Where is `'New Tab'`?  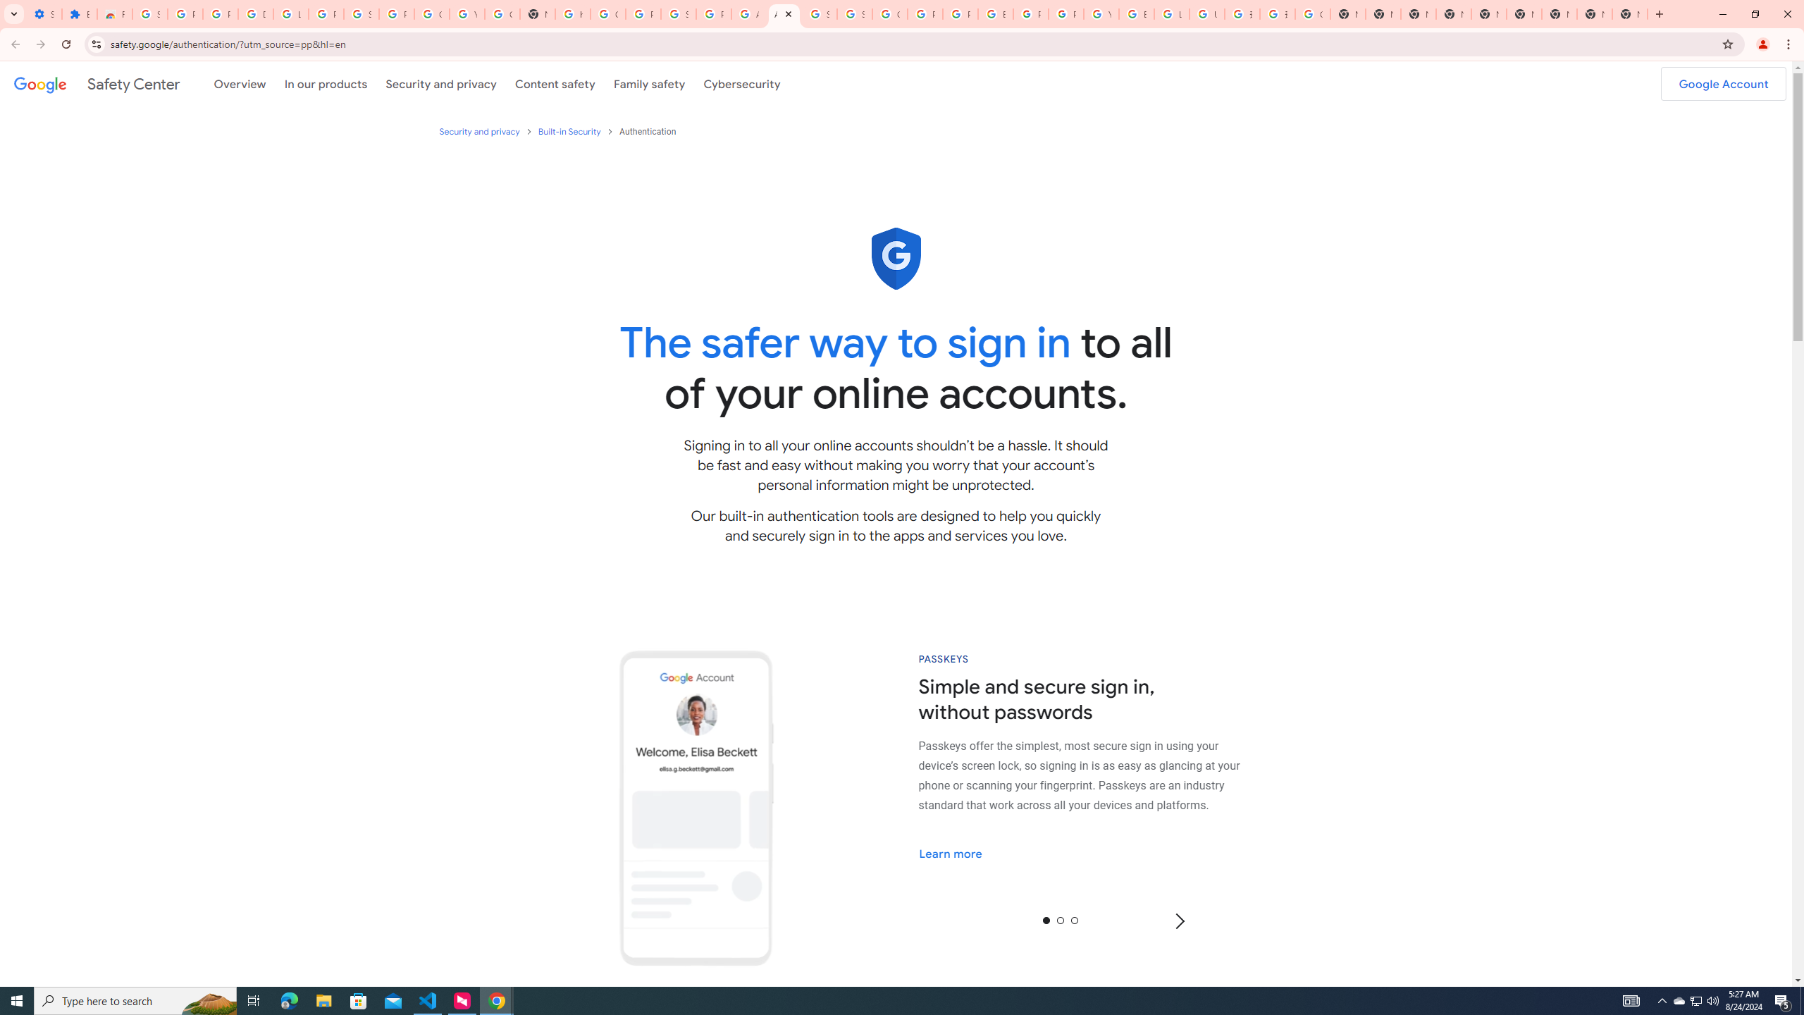
'New Tab' is located at coordinates (1629, 13).